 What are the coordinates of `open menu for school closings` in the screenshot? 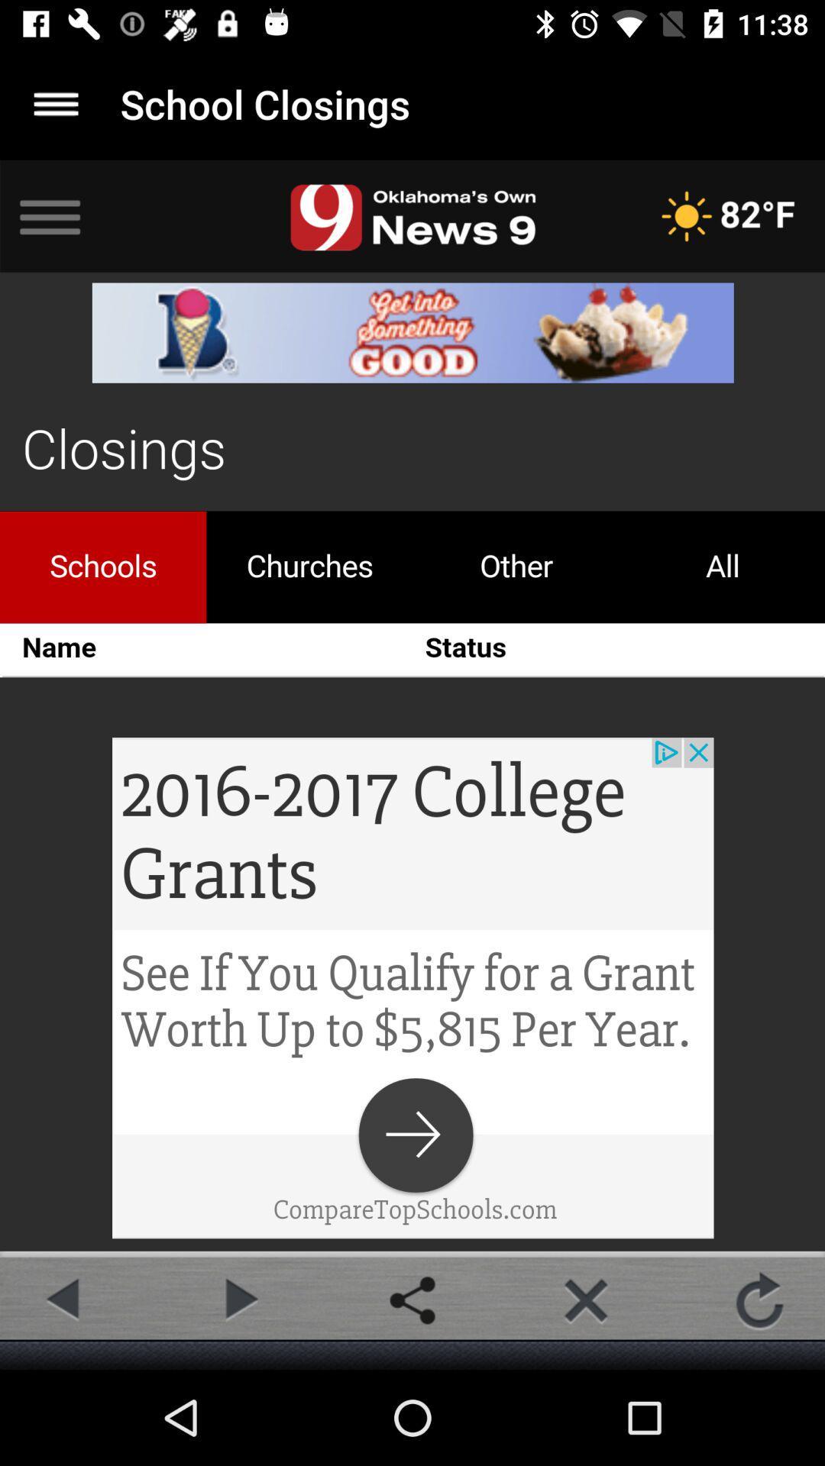 It's located at (55, 103).